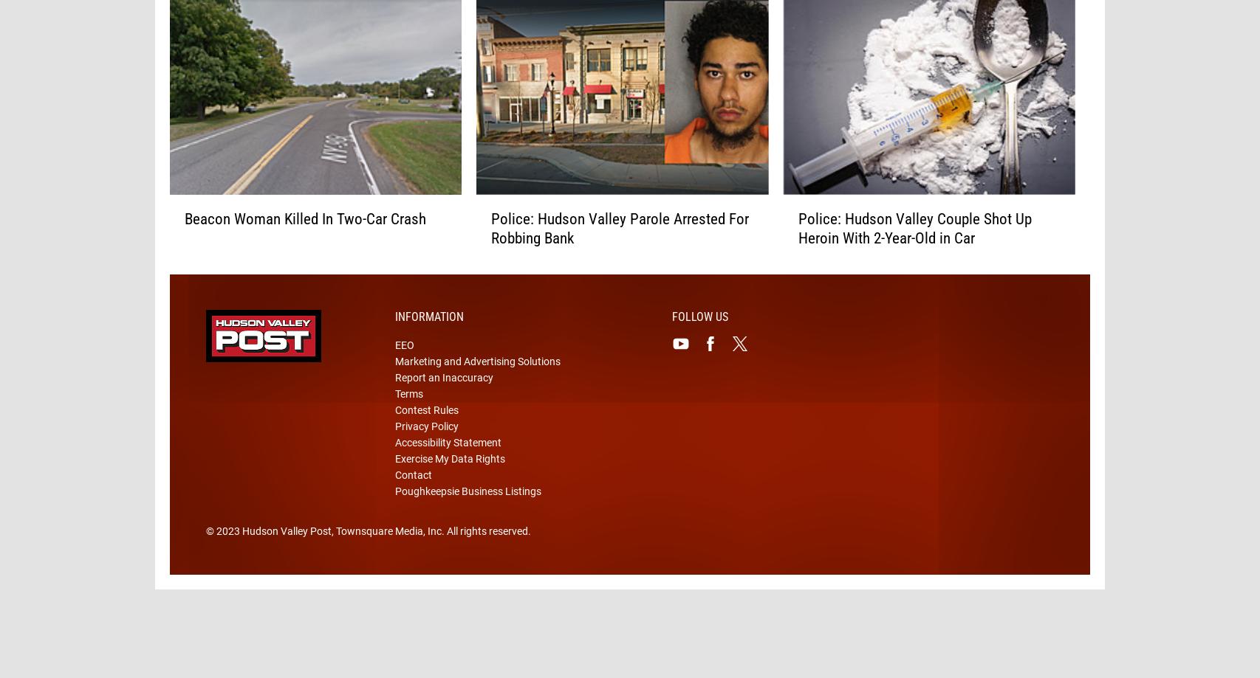 The width and height of the screenshot is (1260, 678). I want to click on '2023', so click(216, 554).